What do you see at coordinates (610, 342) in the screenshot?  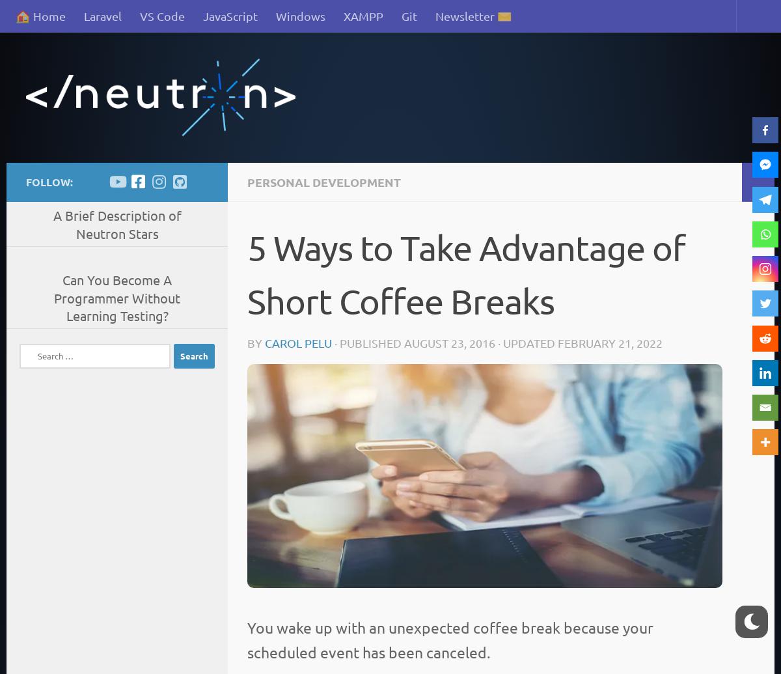 I see `'February 21, 2022'` at bounding box center [610, 342].